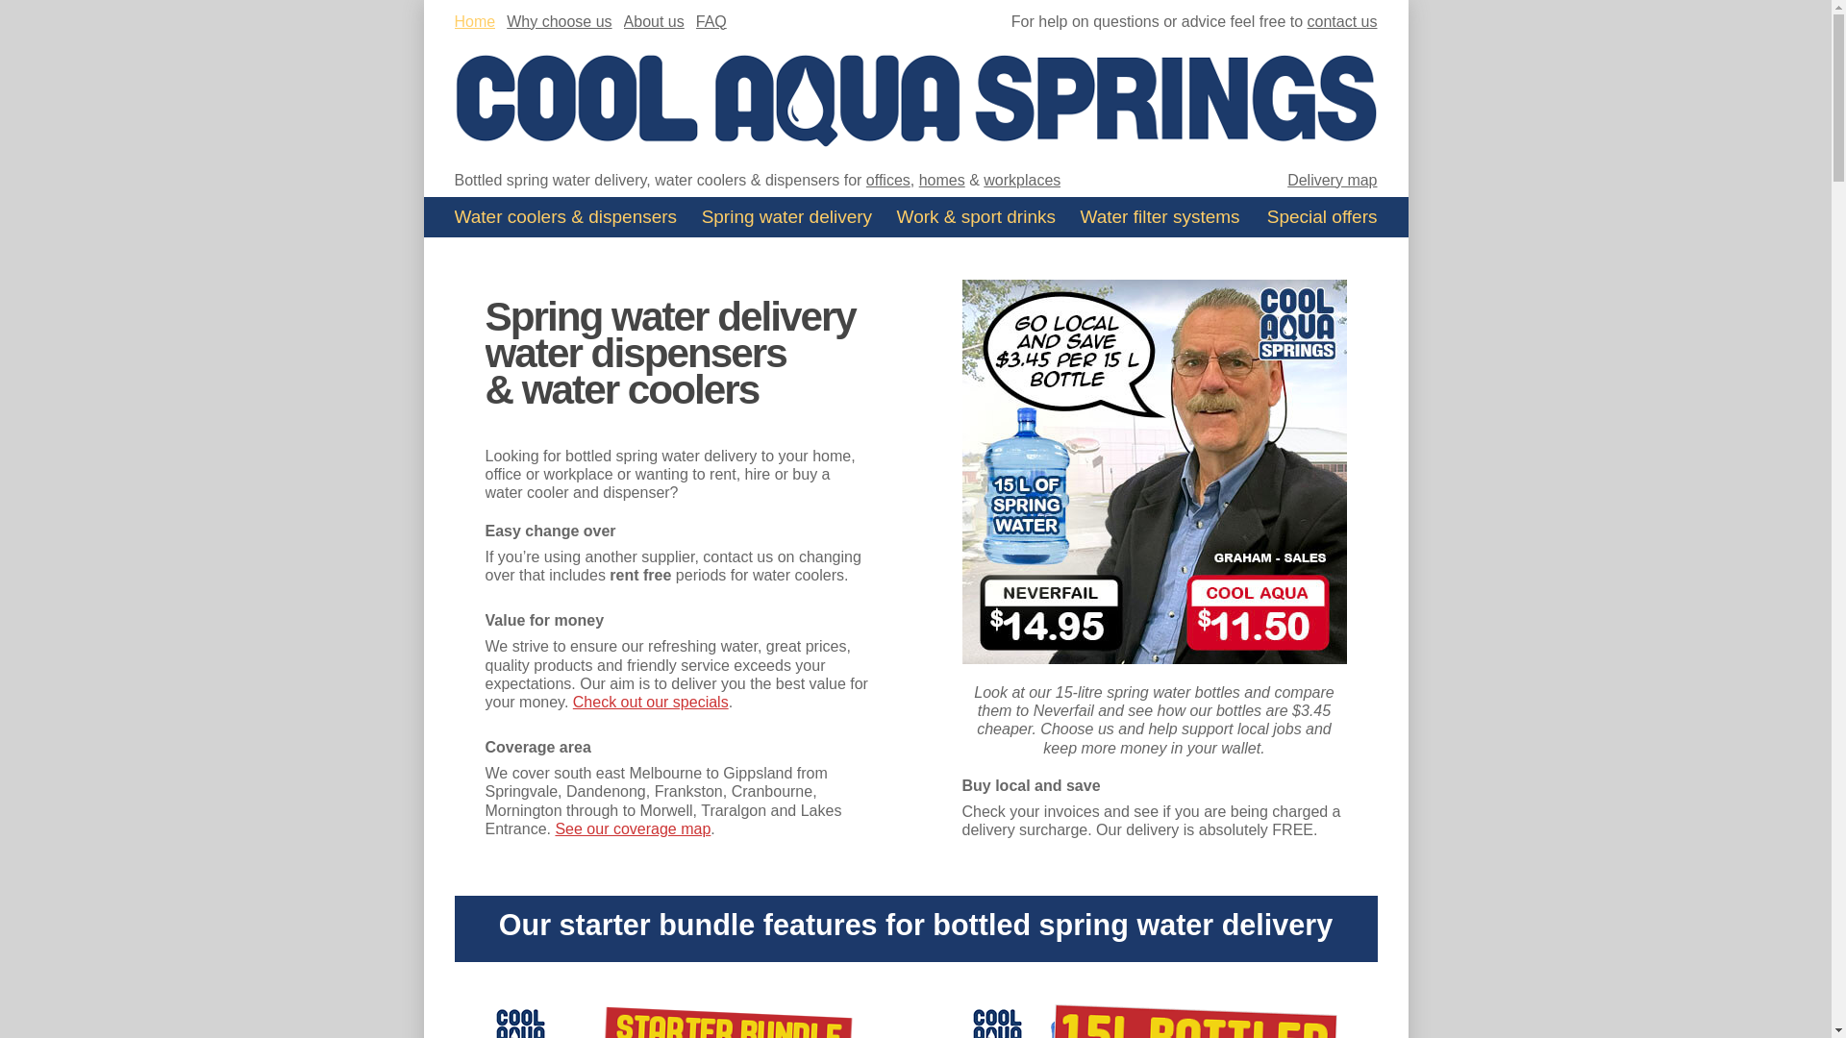 This screenshot has height=1038, width=1846. Describe the element at coordinates (695, 21) in the screenshot. I see `'FAQ'` at that location.